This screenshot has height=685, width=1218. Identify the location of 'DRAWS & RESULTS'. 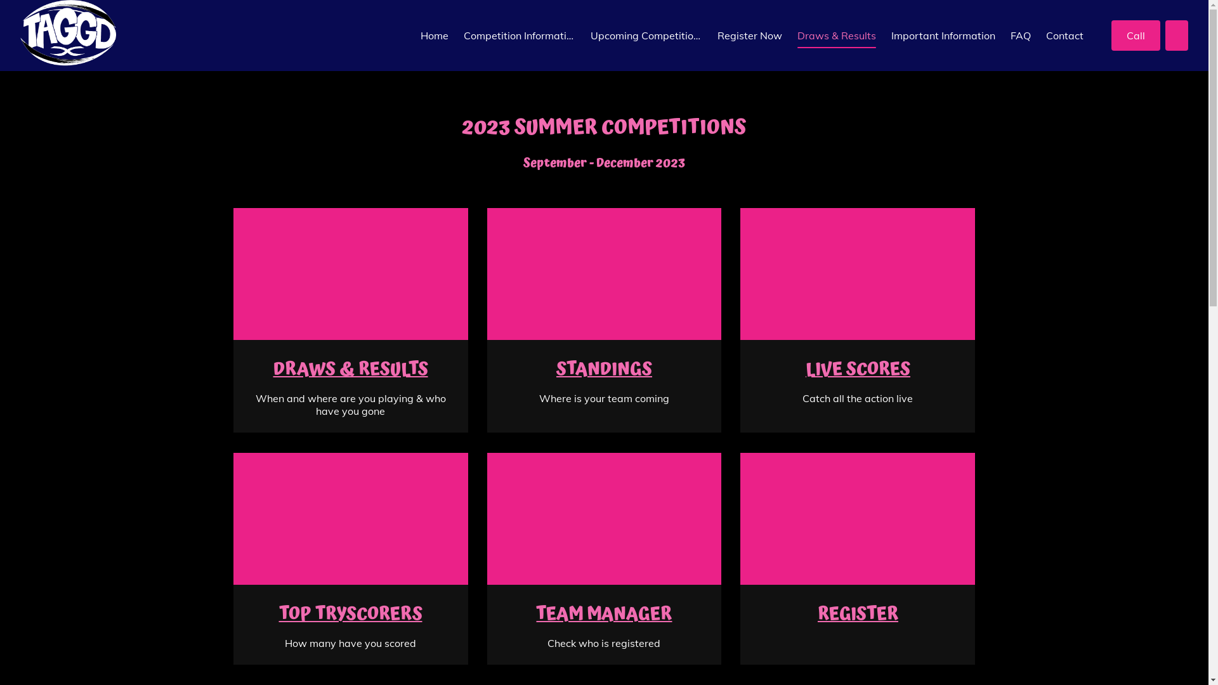
(350, 369).